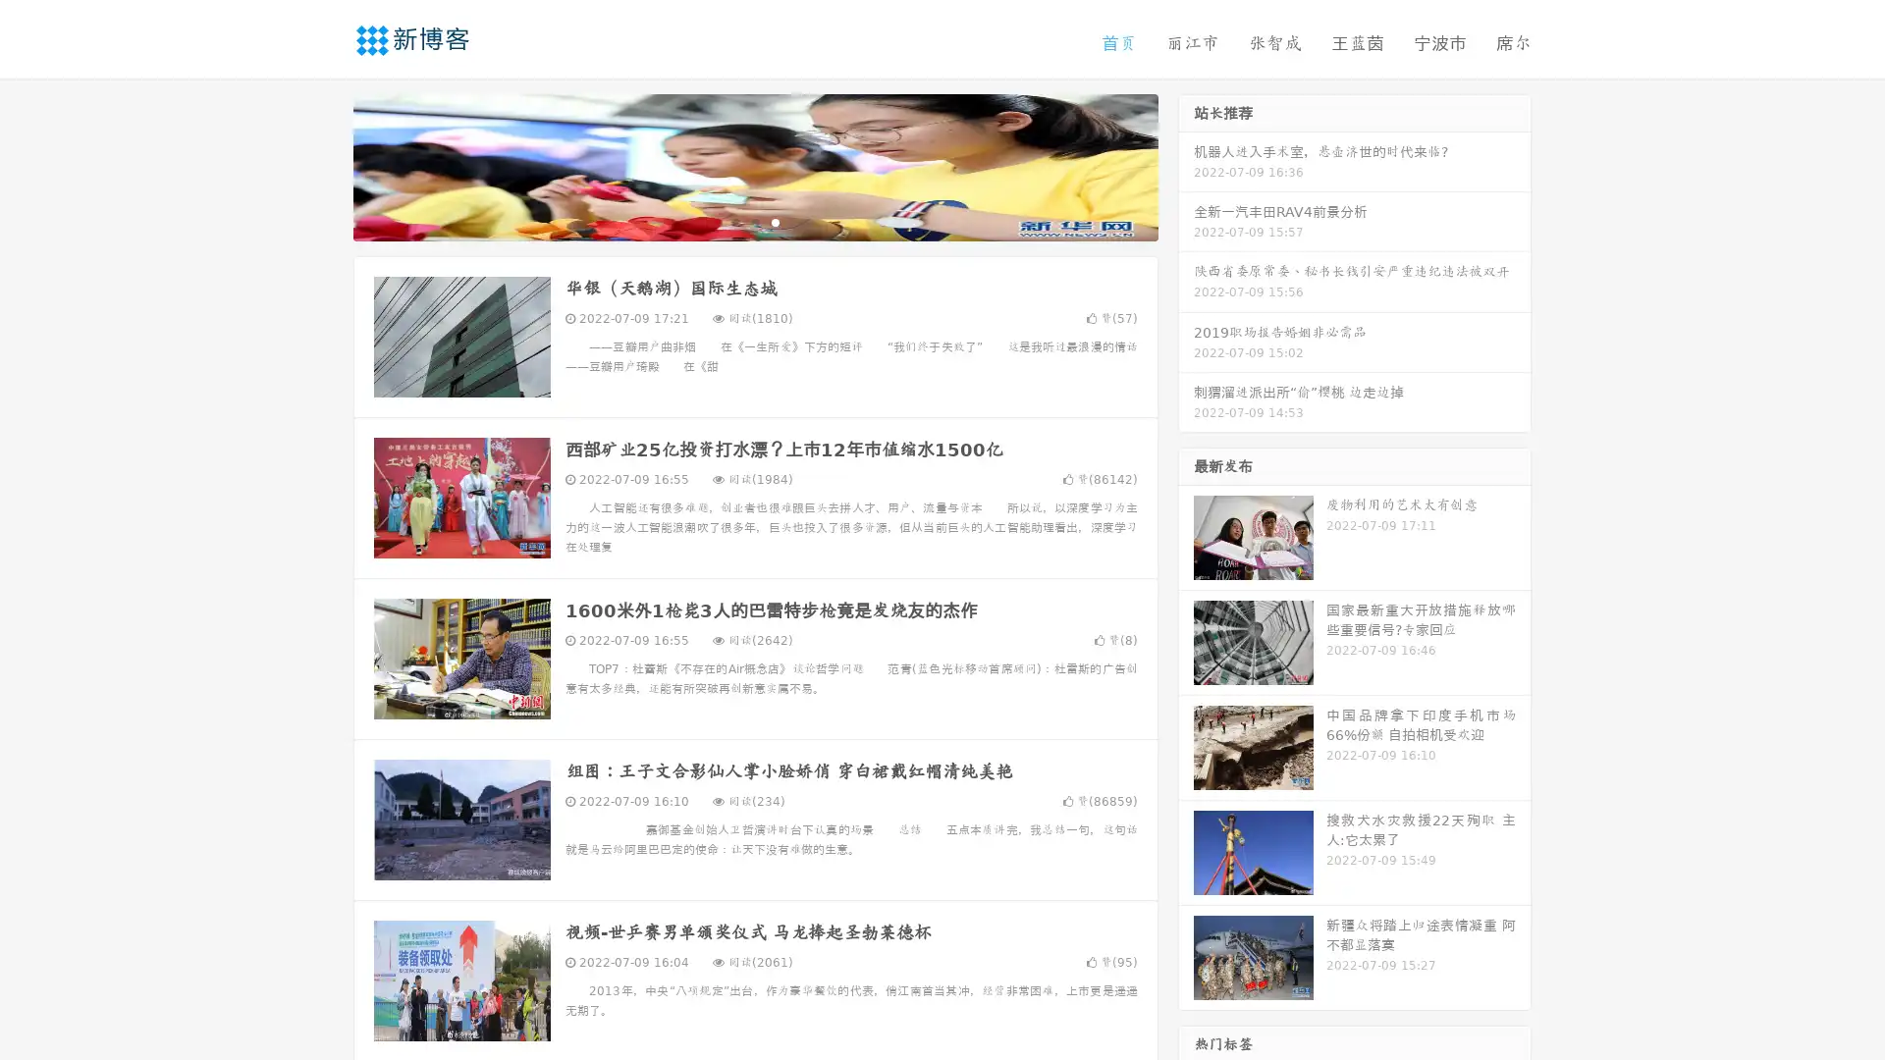 The height and width of the screenshot is (1060, 1885). What do you see at coordinates (754, 221) in the screenshot?
I see `Go to slide 2` at bounding box center [754, 221].